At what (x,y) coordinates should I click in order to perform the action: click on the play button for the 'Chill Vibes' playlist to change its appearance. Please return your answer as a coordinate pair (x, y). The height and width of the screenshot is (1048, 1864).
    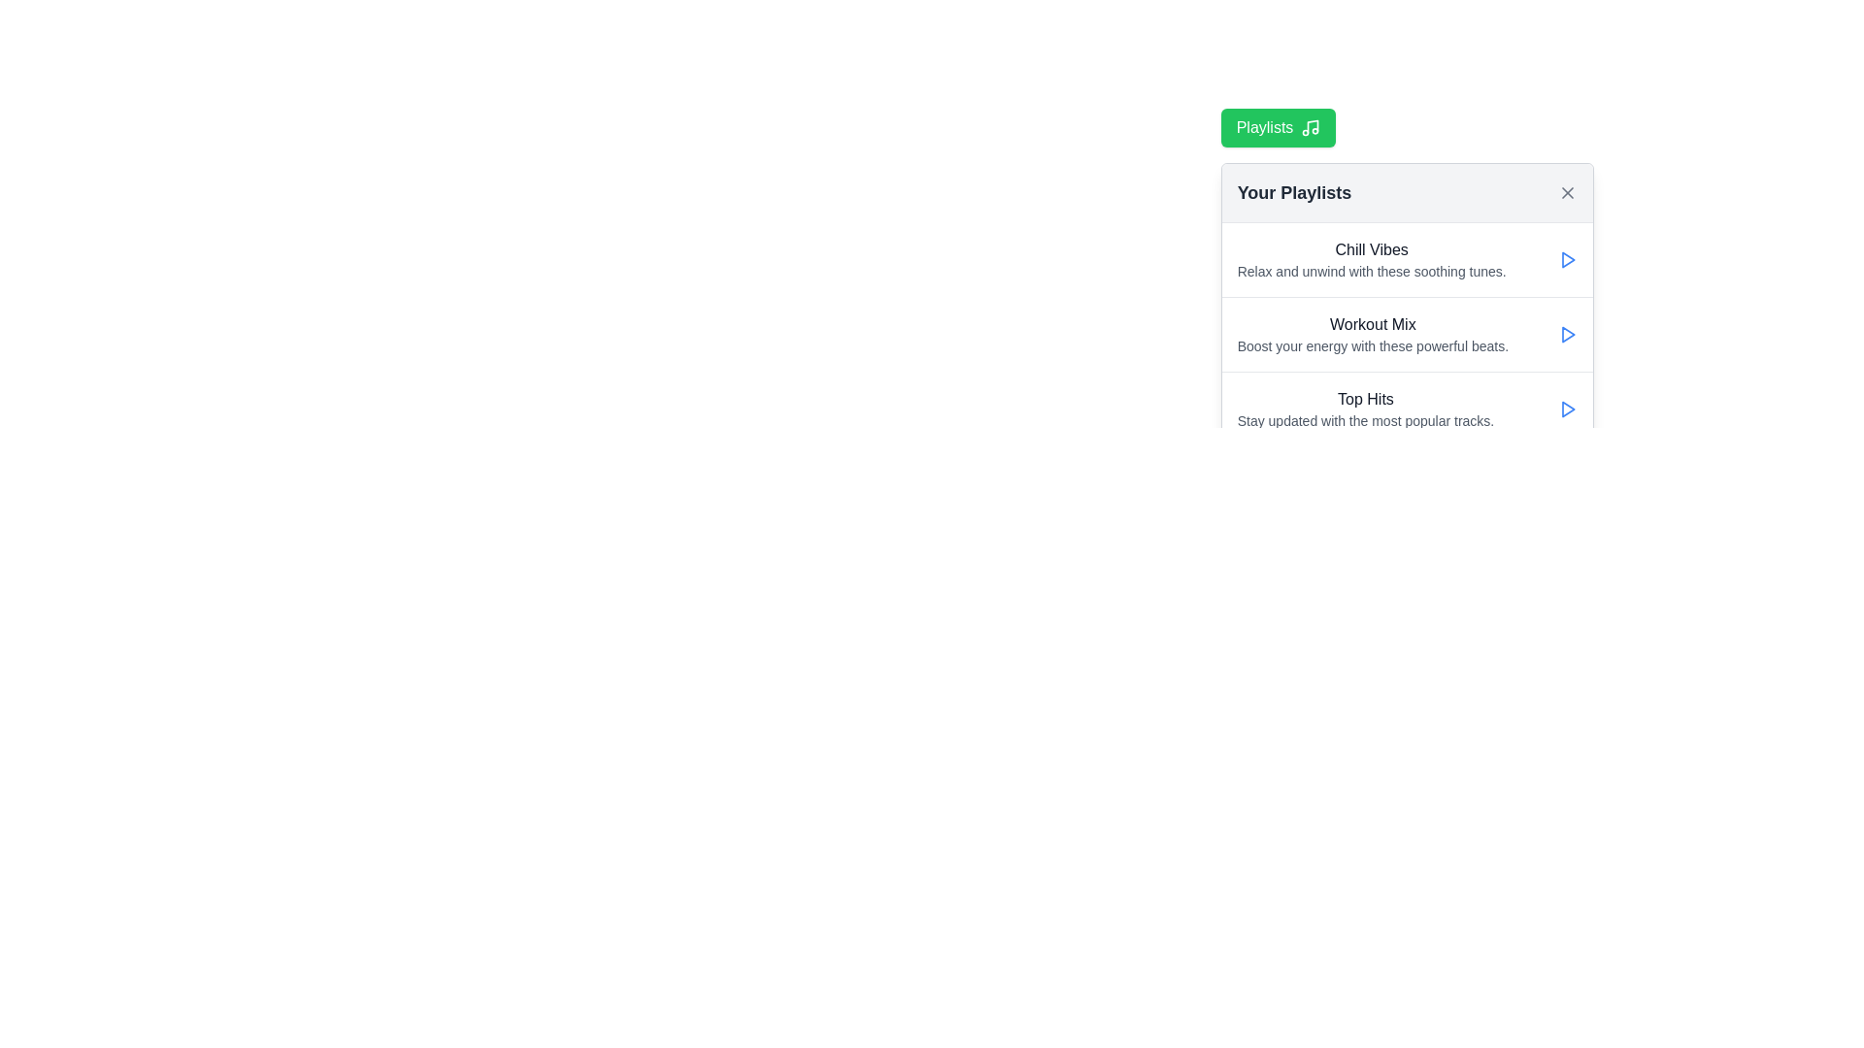
    Looking at the image, I should click on (1567, 258).